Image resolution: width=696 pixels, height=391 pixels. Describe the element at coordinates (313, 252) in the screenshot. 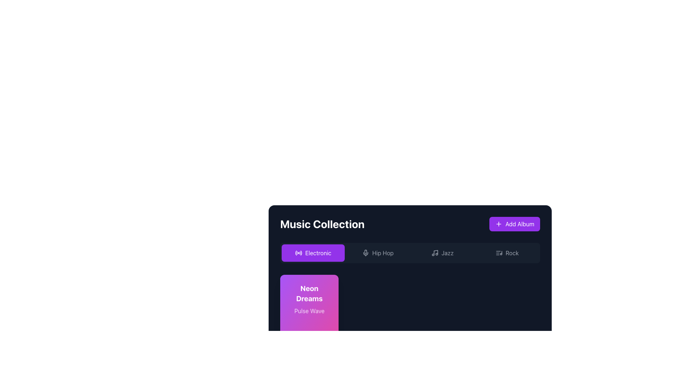

I see `the 'Electronic' button, which is a vibrant purple rectangular button with rounded corners, displaying white text and an icon, located below the 'Music Collection' header` at that location.